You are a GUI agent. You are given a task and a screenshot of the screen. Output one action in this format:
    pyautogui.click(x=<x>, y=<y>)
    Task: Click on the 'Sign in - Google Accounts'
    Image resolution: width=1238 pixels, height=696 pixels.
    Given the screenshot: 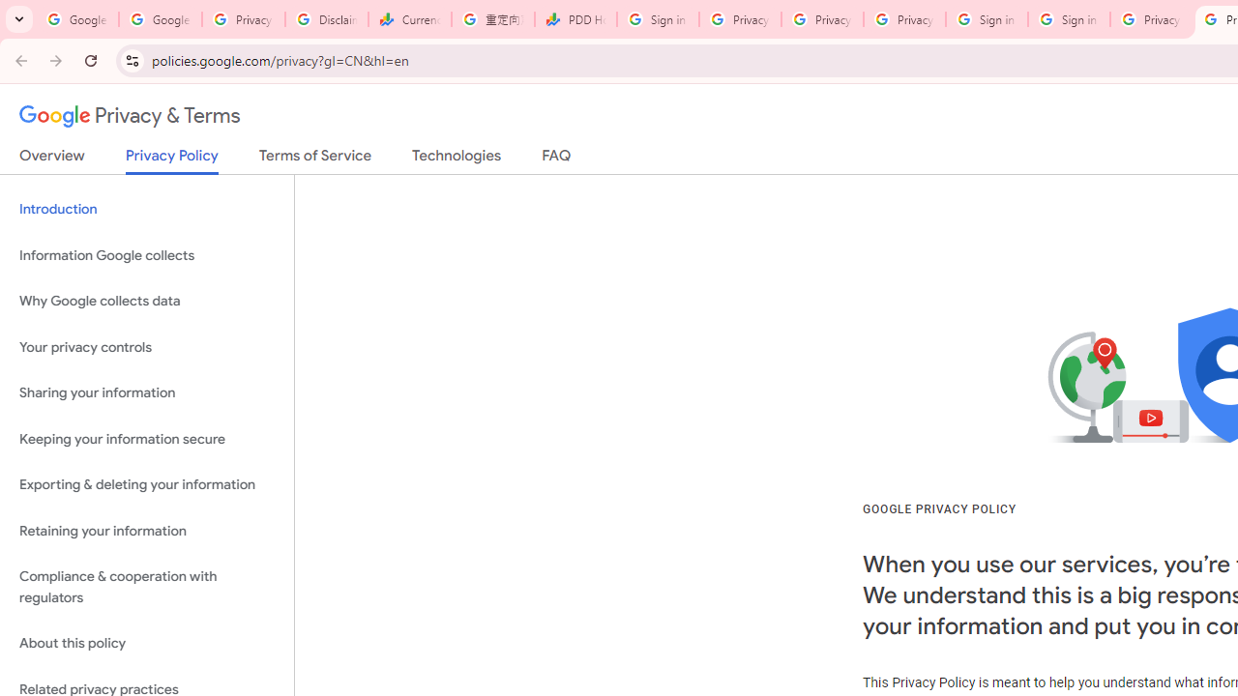 What is the action you would take?
    pyautogui.click(x=1068, y=19)
    